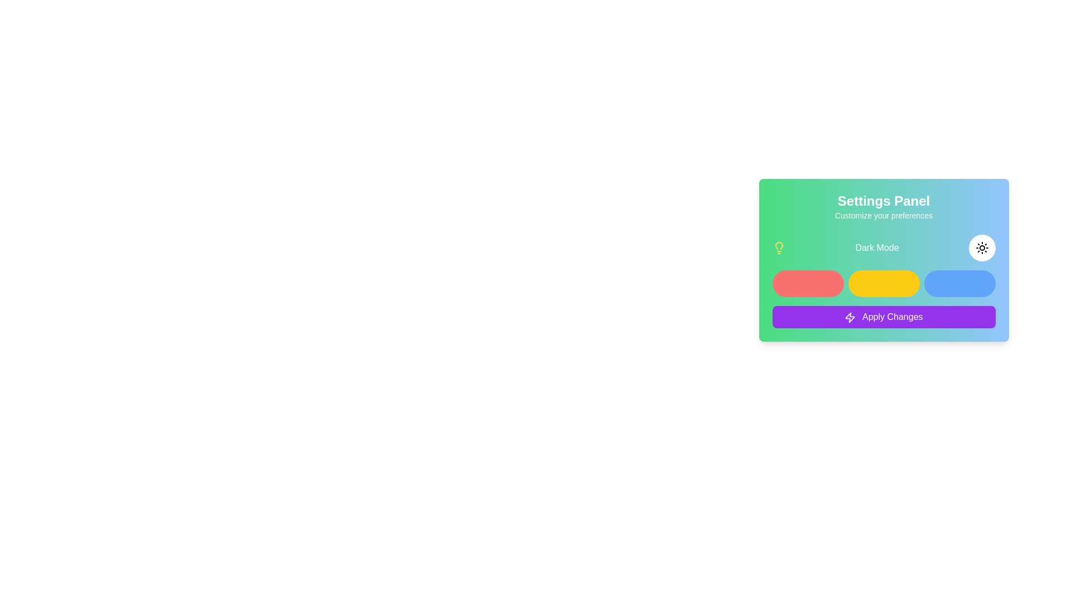 The width and height of the screenshot is (1071, 602). Describe the element at coordinates (850, 317) in the screenshot. I see `the 'Apply Changes' button that contains the lightning bolt icon` at that location.